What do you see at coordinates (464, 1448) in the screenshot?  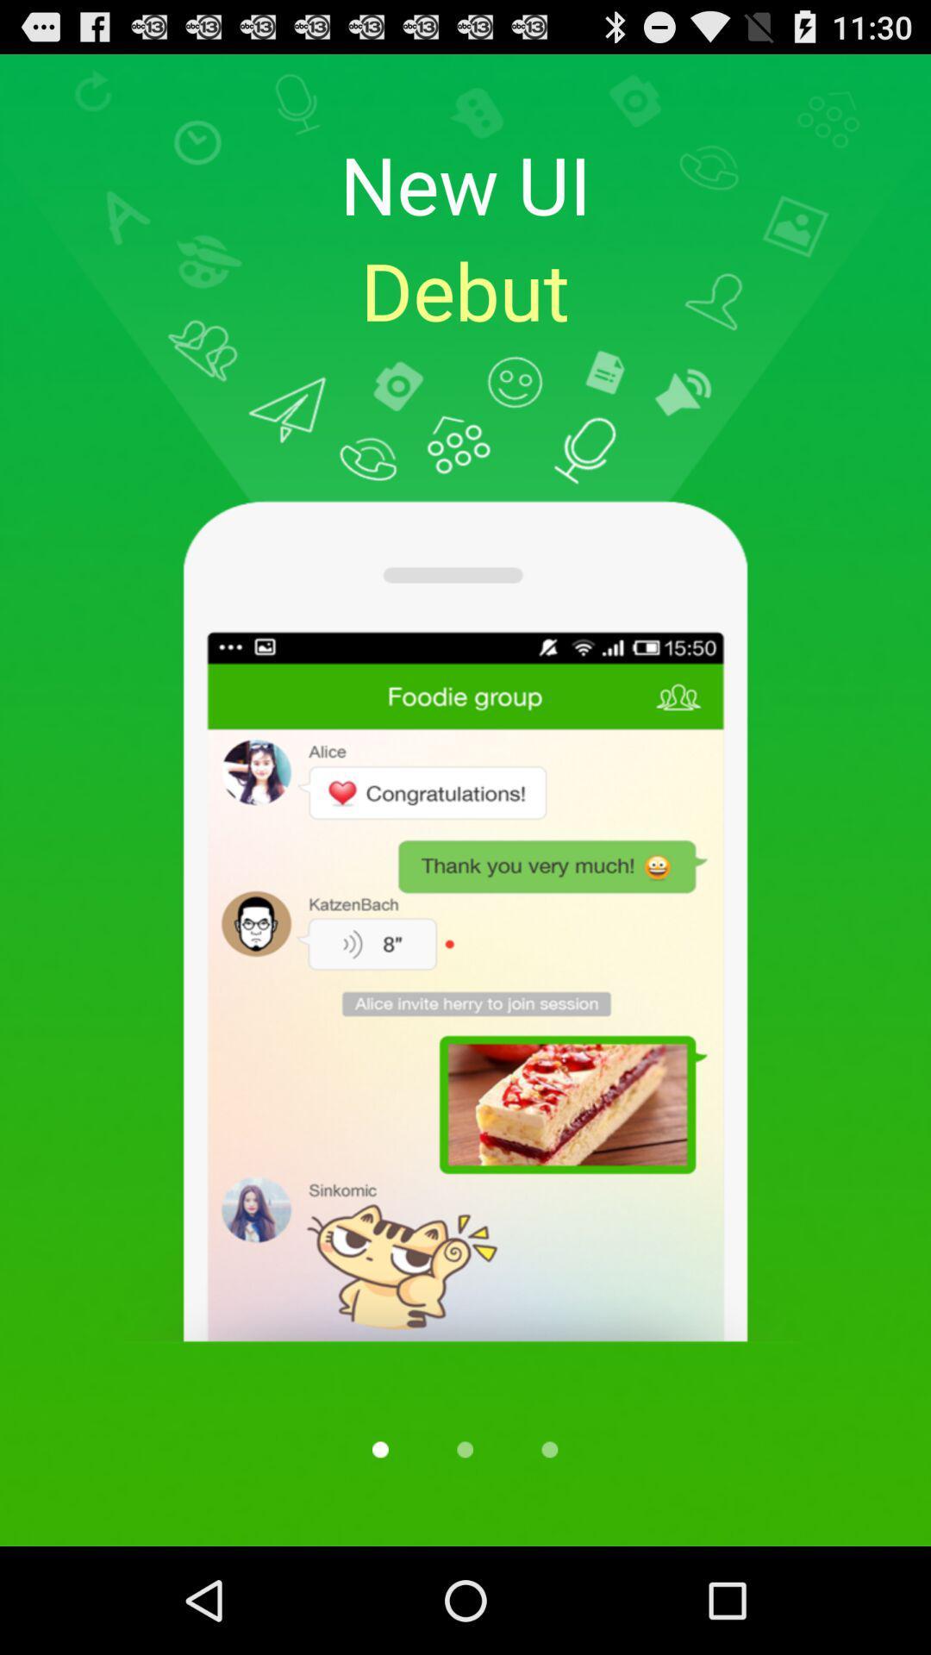 I see `move to page 2 of 3` at bounding box center [464, 1448].